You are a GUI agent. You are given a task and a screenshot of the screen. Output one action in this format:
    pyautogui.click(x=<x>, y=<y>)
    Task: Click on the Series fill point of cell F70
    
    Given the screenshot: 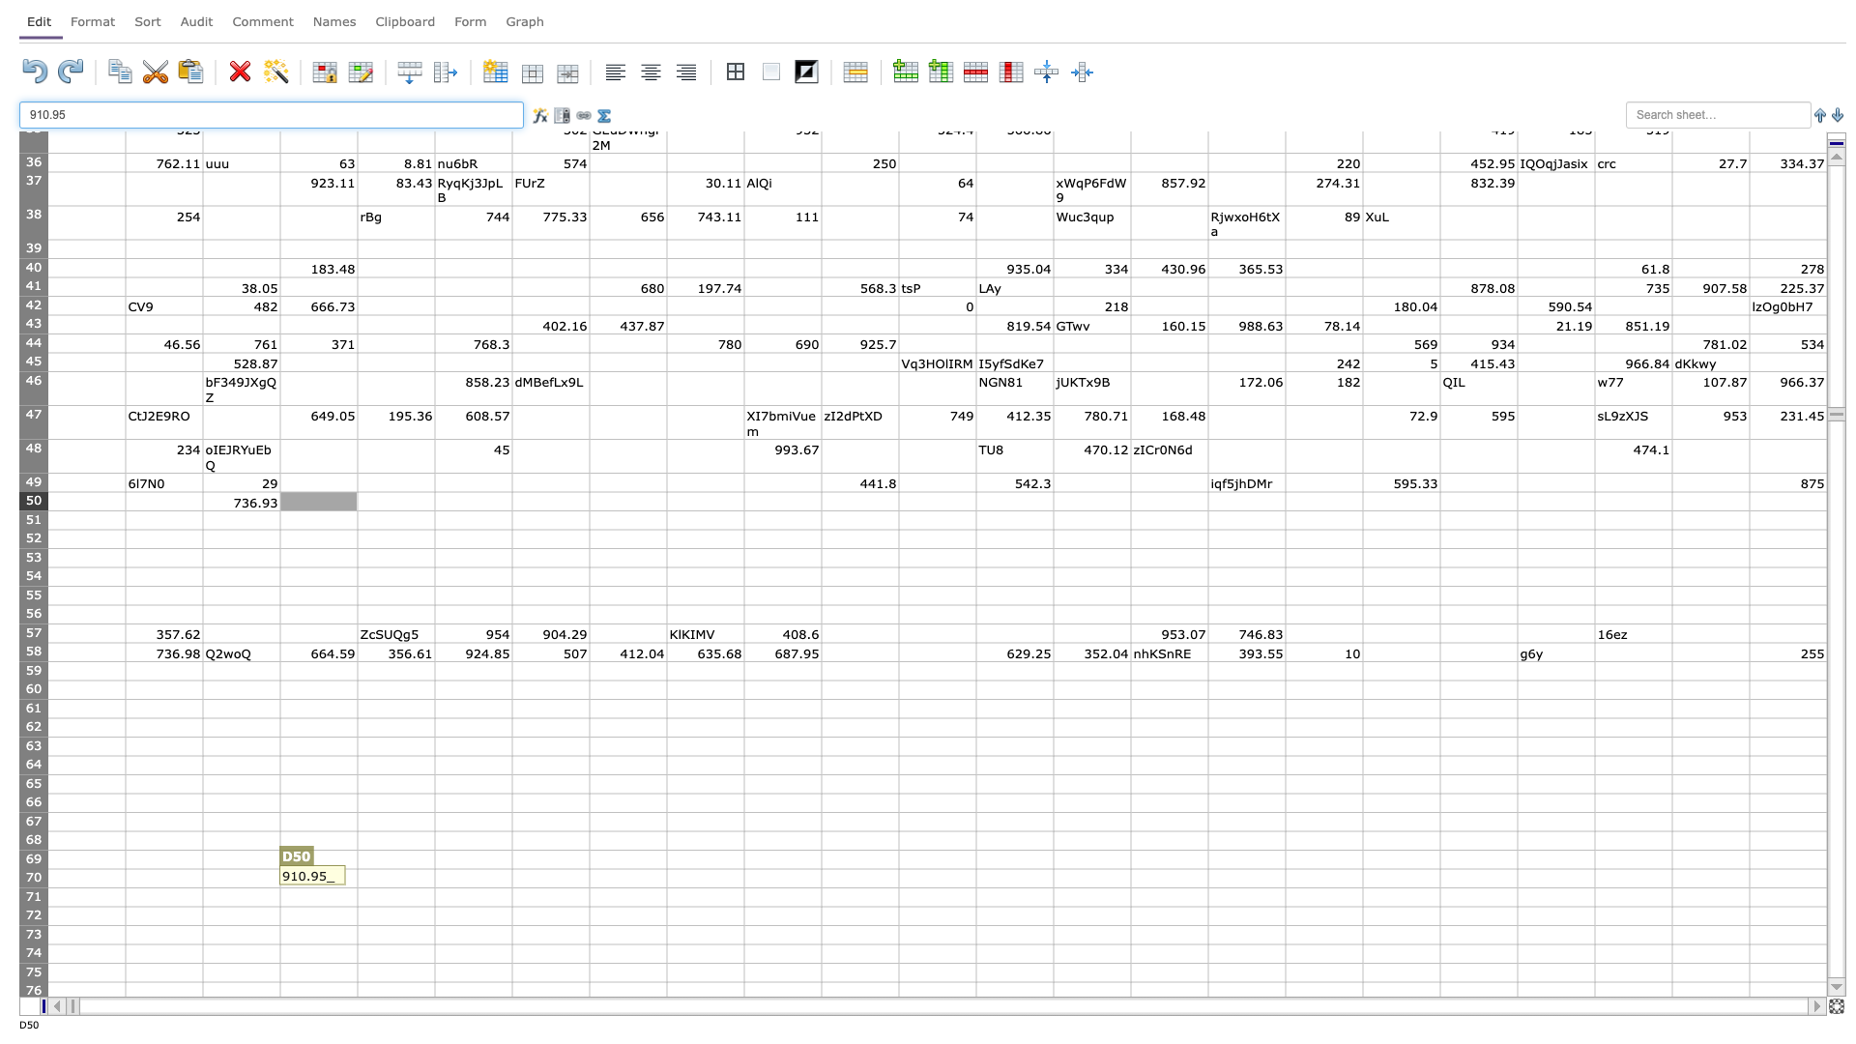 What is the action you would take?
    pyautogui.click(x=511, y=887)
    